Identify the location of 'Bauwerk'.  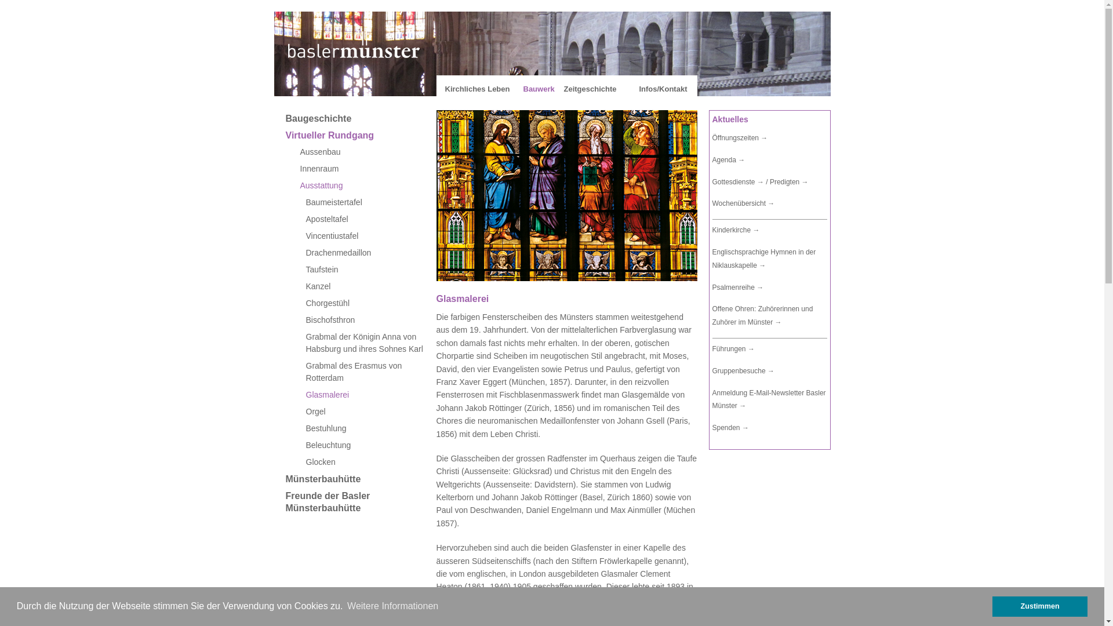
(538, 88).